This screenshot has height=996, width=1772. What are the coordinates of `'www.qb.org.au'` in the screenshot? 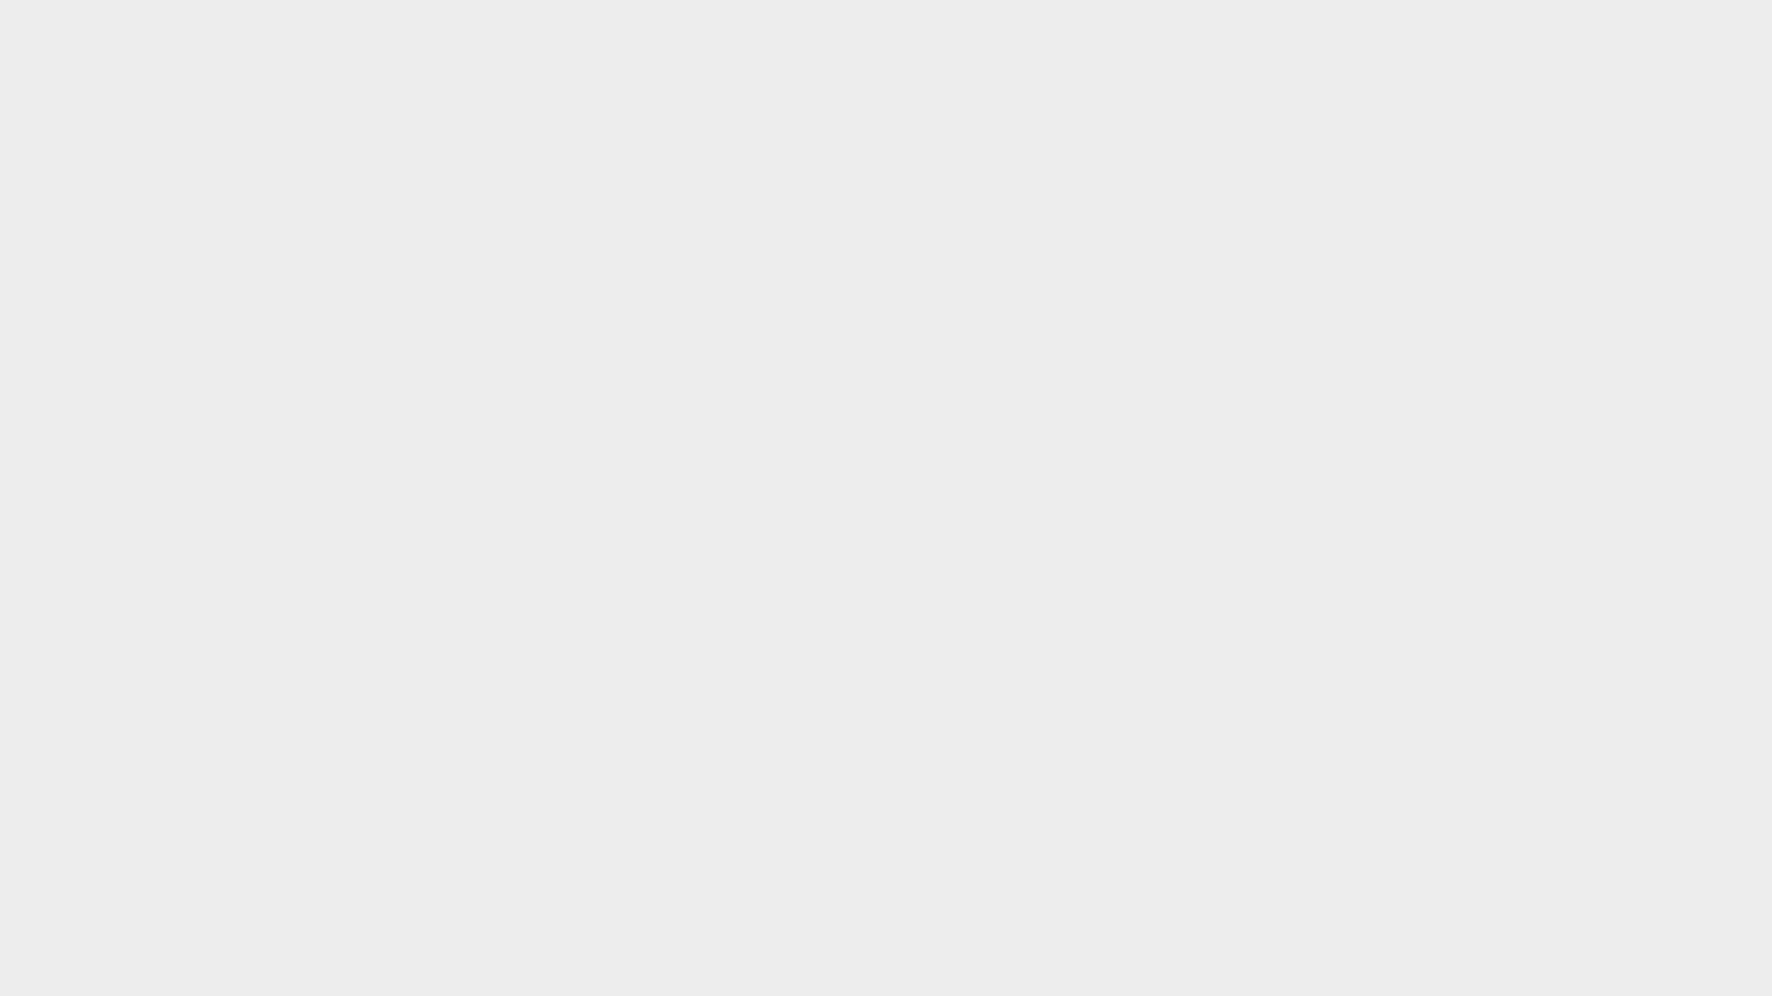 It's located at (988, 967).